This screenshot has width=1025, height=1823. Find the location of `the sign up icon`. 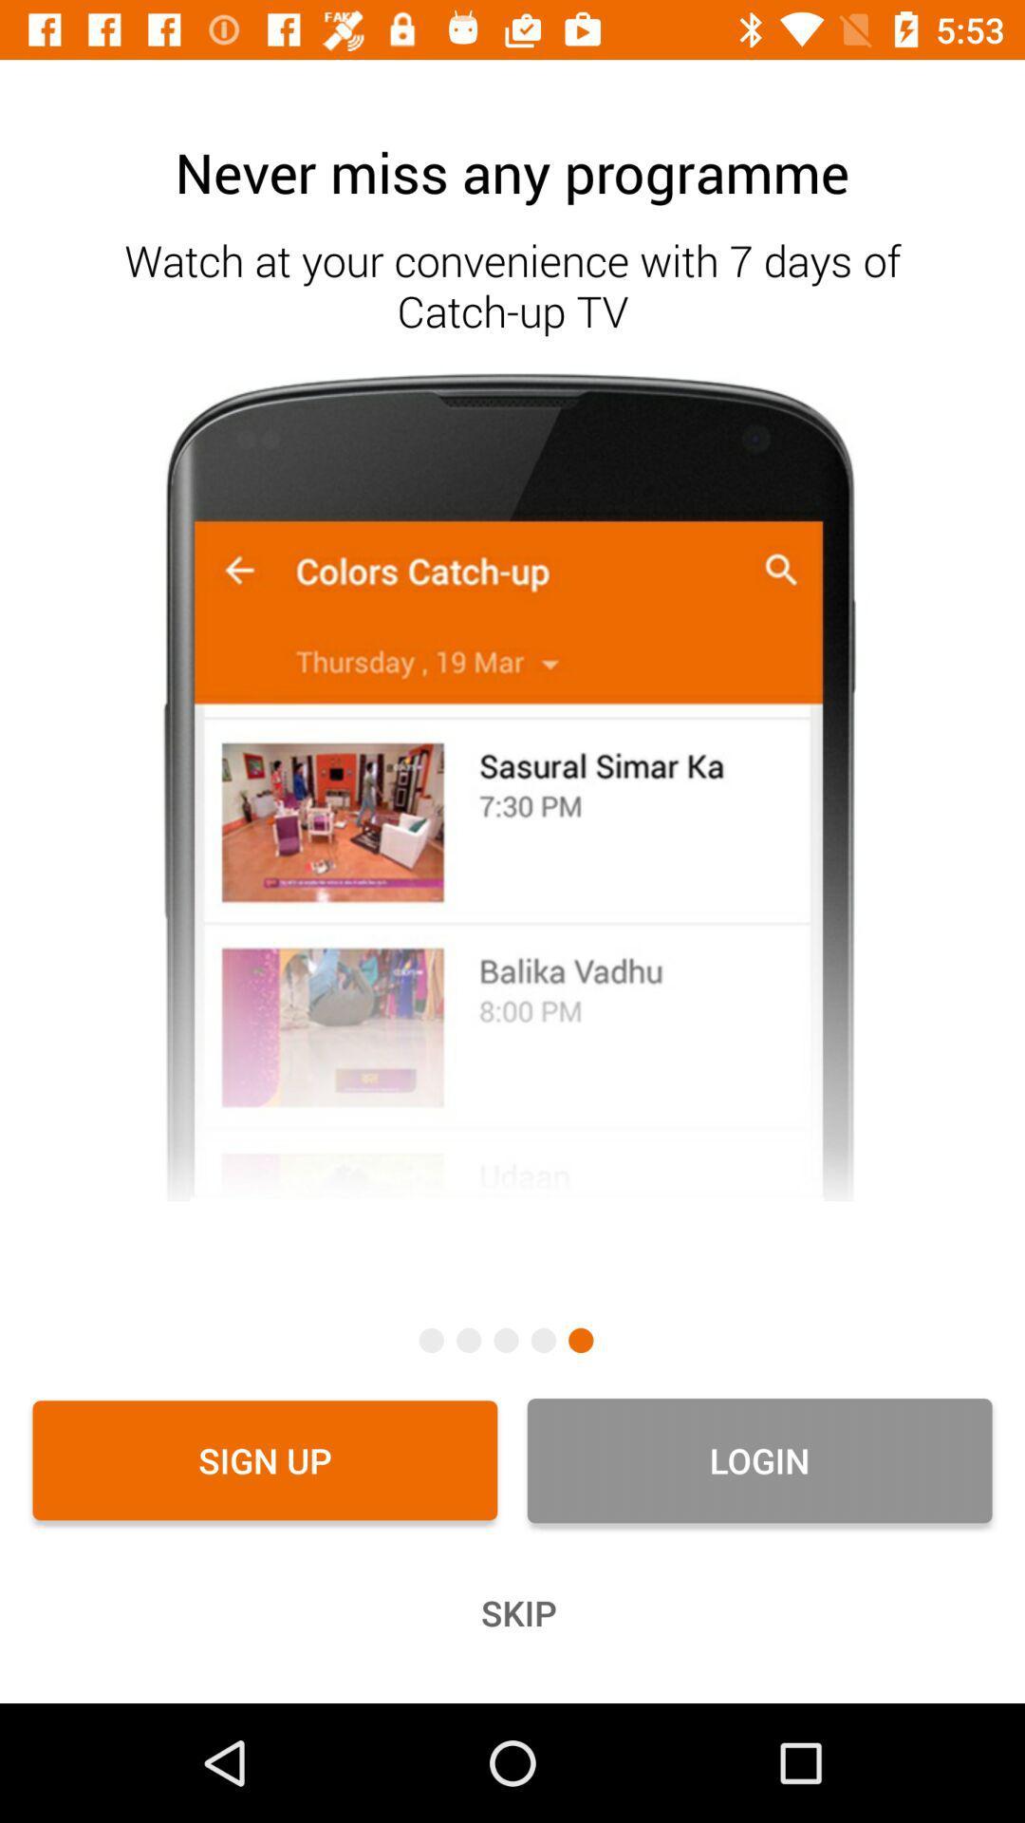

the sign up icon is located at coordinates (265, 1459).